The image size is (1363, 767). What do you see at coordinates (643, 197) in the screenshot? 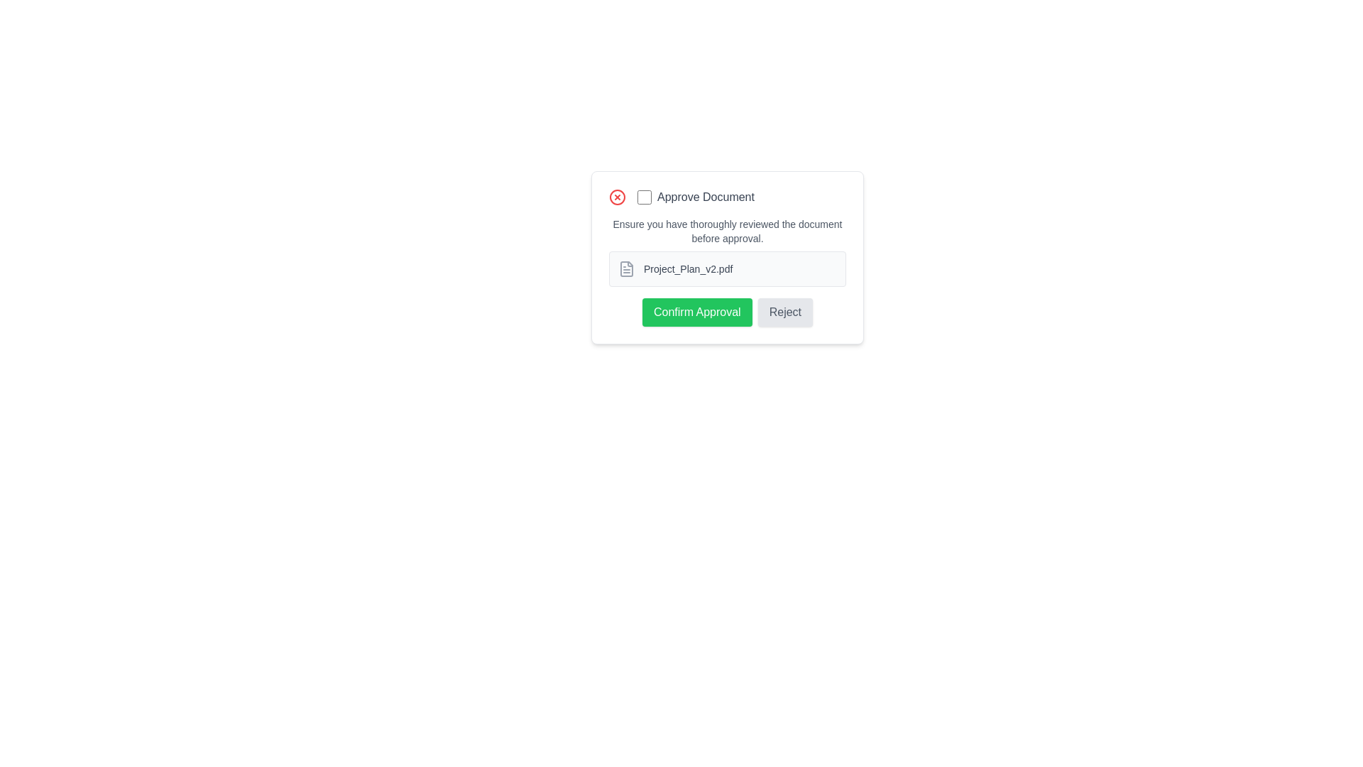
I see `the Checkbox located to the left of the 'Approve Document' text label` at bounding box center [643, 197].